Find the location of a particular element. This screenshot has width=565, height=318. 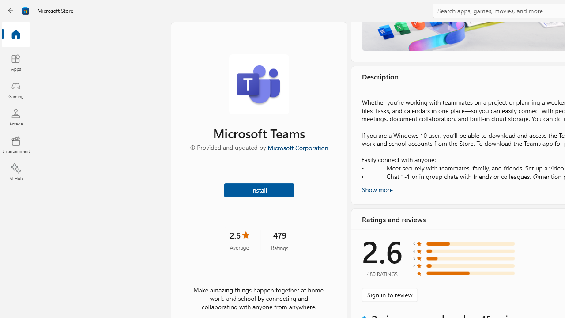

'Class: Image' is located at coordinates (26, 11).